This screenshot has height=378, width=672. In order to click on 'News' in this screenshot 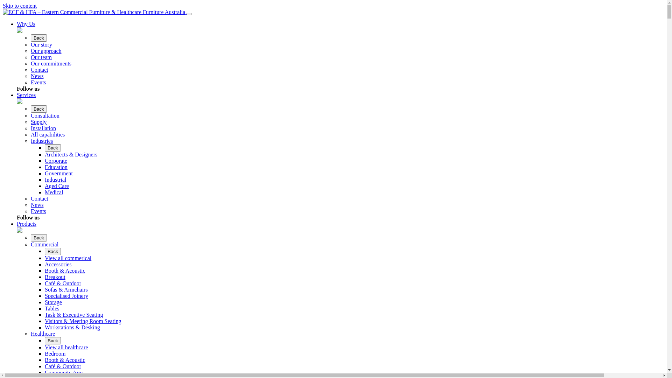, I will do `click(30, 205)`.